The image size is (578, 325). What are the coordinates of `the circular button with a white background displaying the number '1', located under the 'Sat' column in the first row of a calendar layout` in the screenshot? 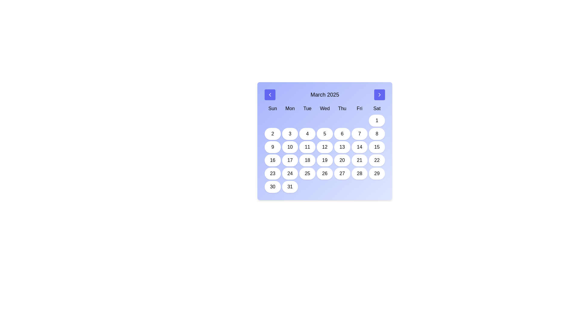 It's located at (377, 121).